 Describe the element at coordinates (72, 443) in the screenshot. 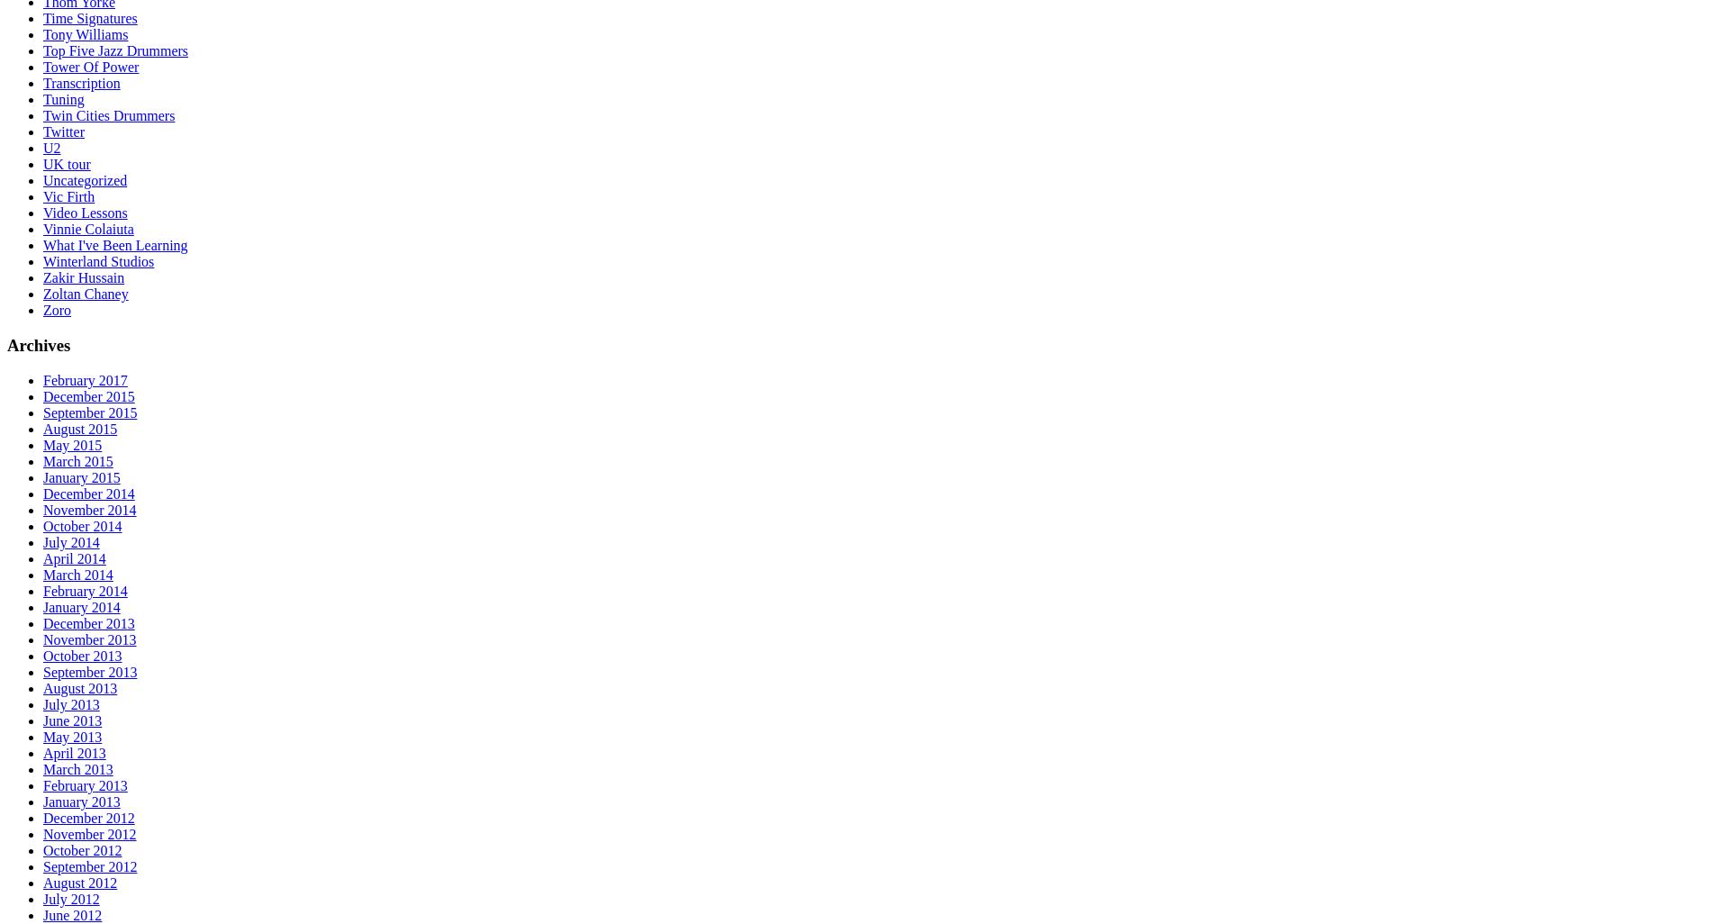

I see `'May 2015'` at that location.